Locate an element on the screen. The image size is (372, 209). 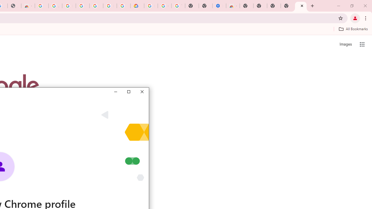
'New Tab' is located at coordinates (287, 6).